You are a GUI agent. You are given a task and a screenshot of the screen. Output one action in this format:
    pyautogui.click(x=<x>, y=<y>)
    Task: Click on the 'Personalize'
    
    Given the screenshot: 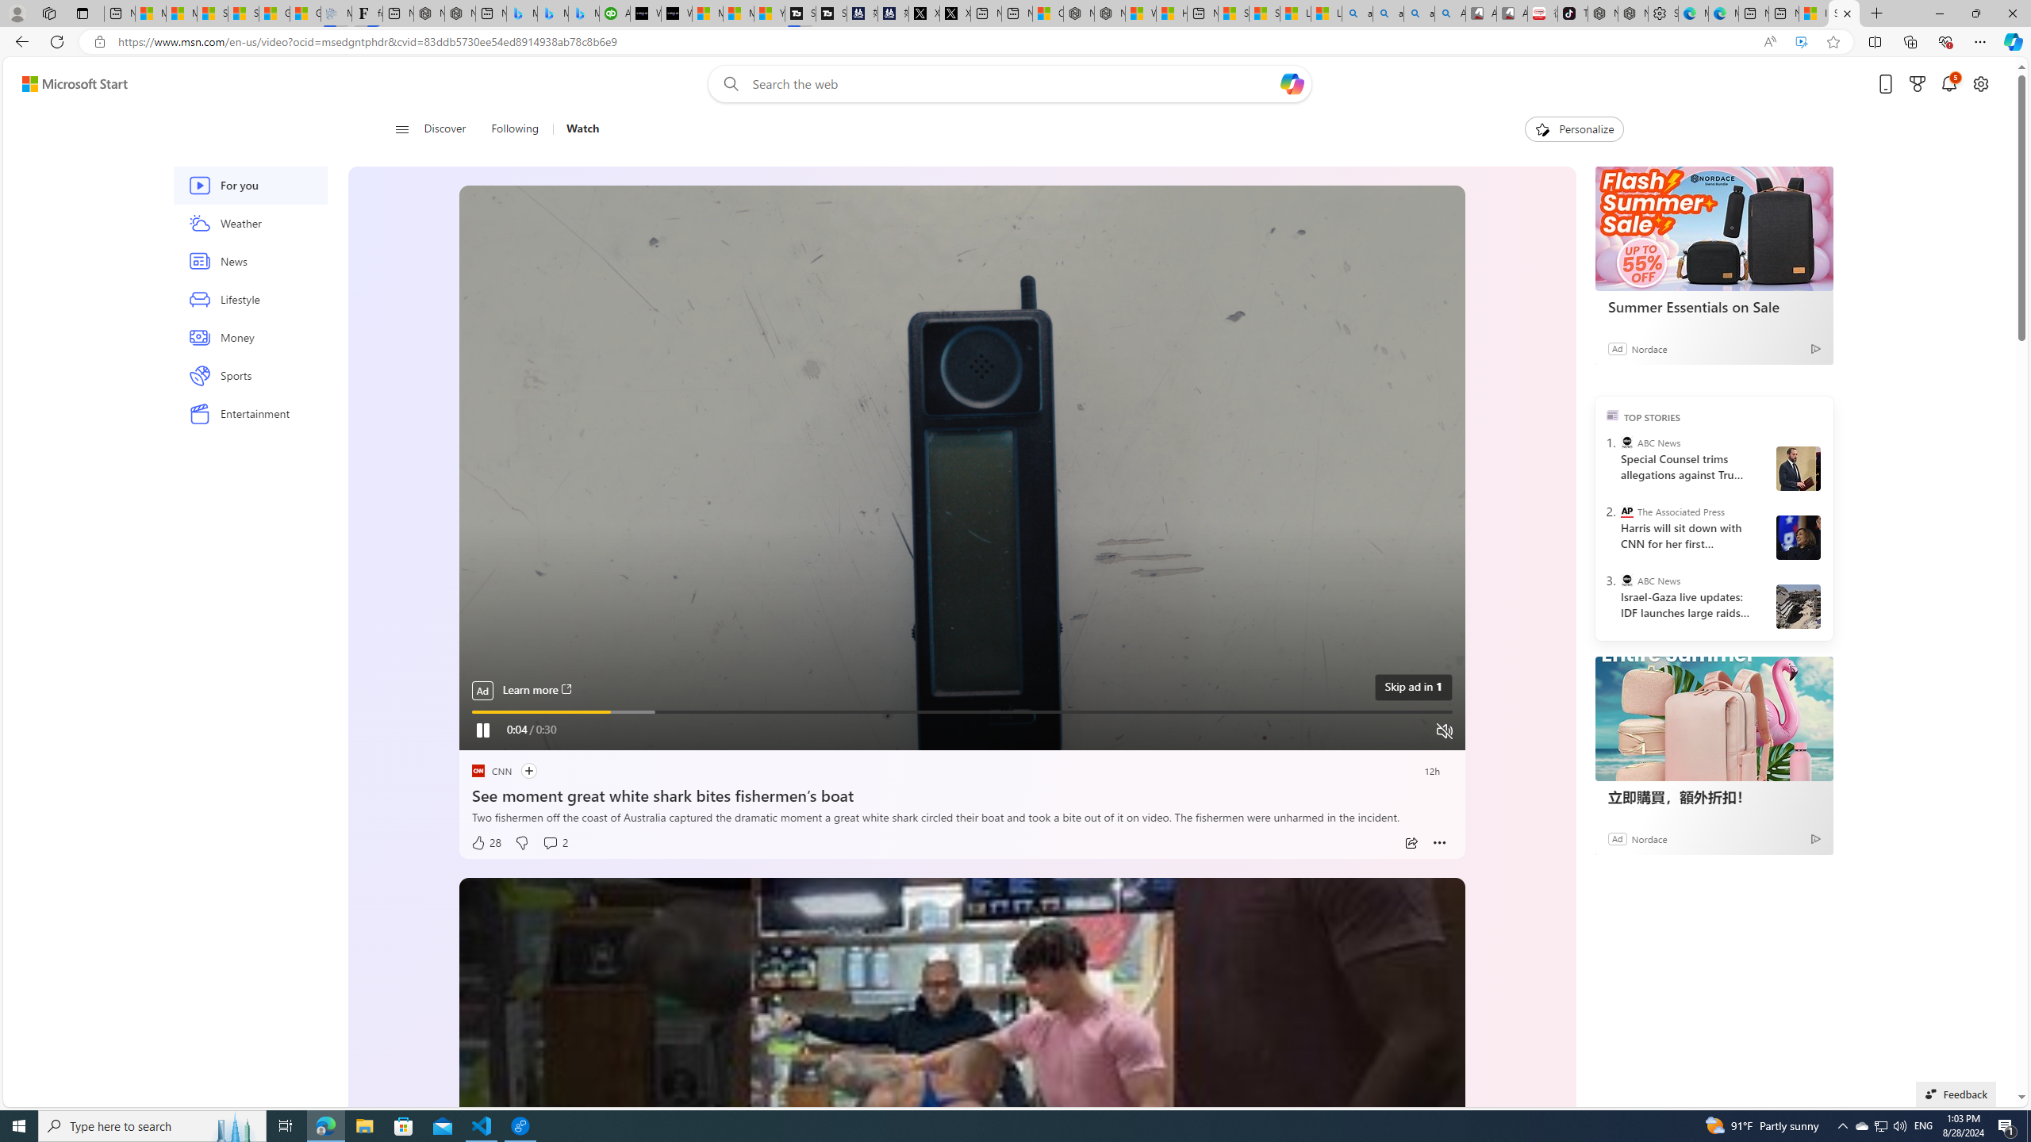 What is the action you would take?
    pyautogui.click(x=1574, y=128)
    